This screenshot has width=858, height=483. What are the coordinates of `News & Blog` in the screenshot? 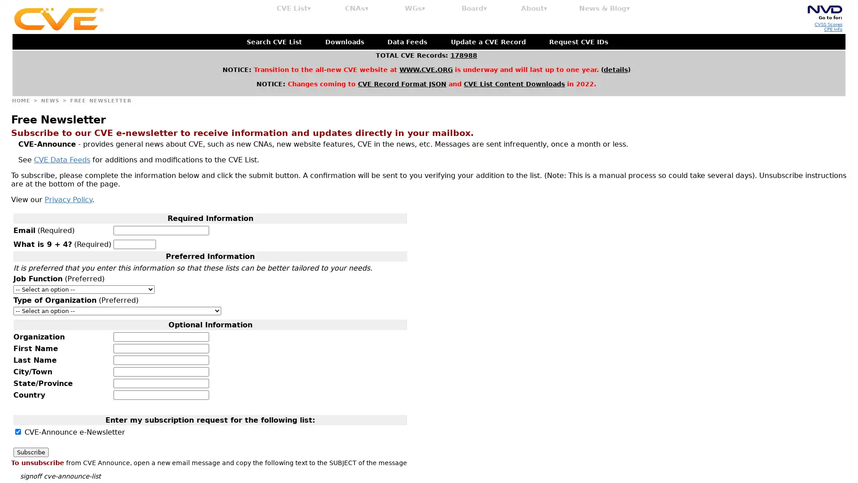 It's located at (605, 8).